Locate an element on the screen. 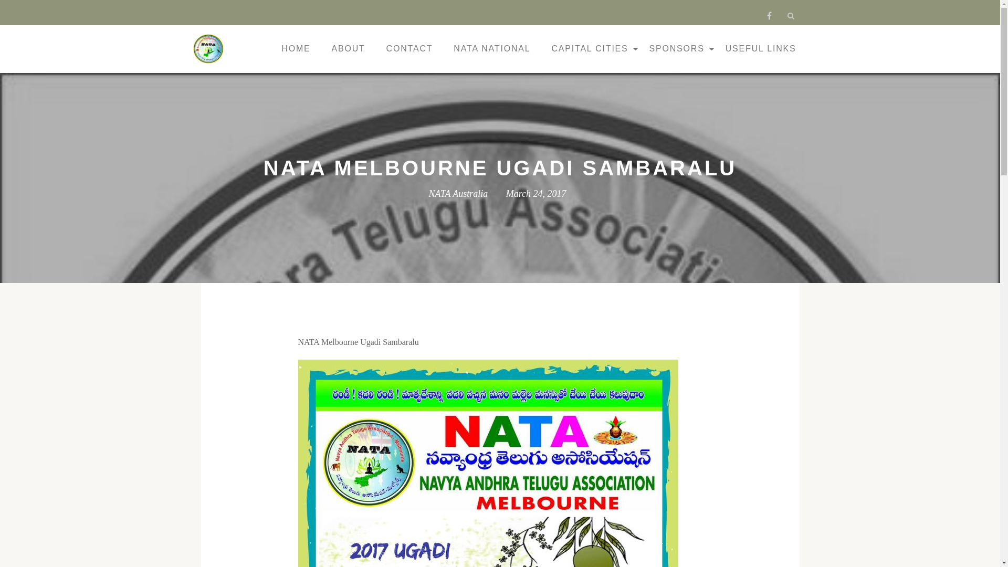  'fa-facebook' is located at coordinates (764, 18).